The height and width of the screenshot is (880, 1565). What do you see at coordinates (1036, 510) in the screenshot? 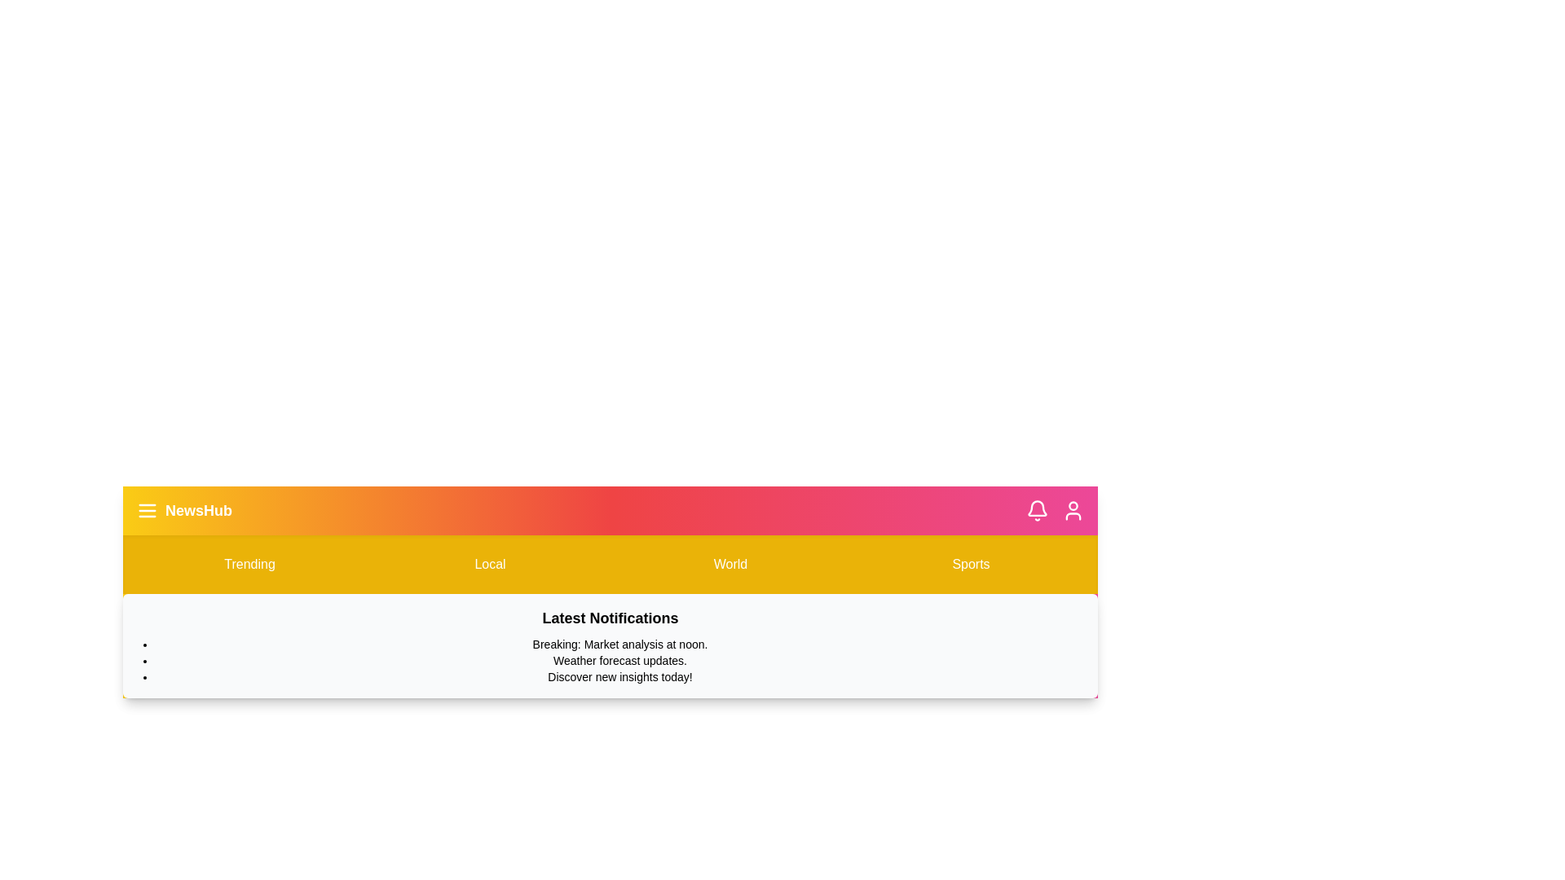
I see `the bell icon to toggle notifications visibility` at bounding box center [1036, 510].